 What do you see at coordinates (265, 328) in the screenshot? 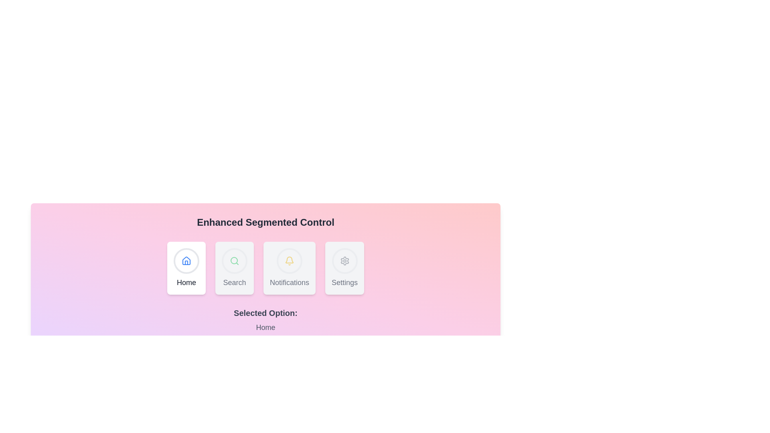
I see `the 'Home' text label, which is displayed in a gray, smaller font and located directly below the heading 'Selected Option:'` at bounding box center [265, 328].